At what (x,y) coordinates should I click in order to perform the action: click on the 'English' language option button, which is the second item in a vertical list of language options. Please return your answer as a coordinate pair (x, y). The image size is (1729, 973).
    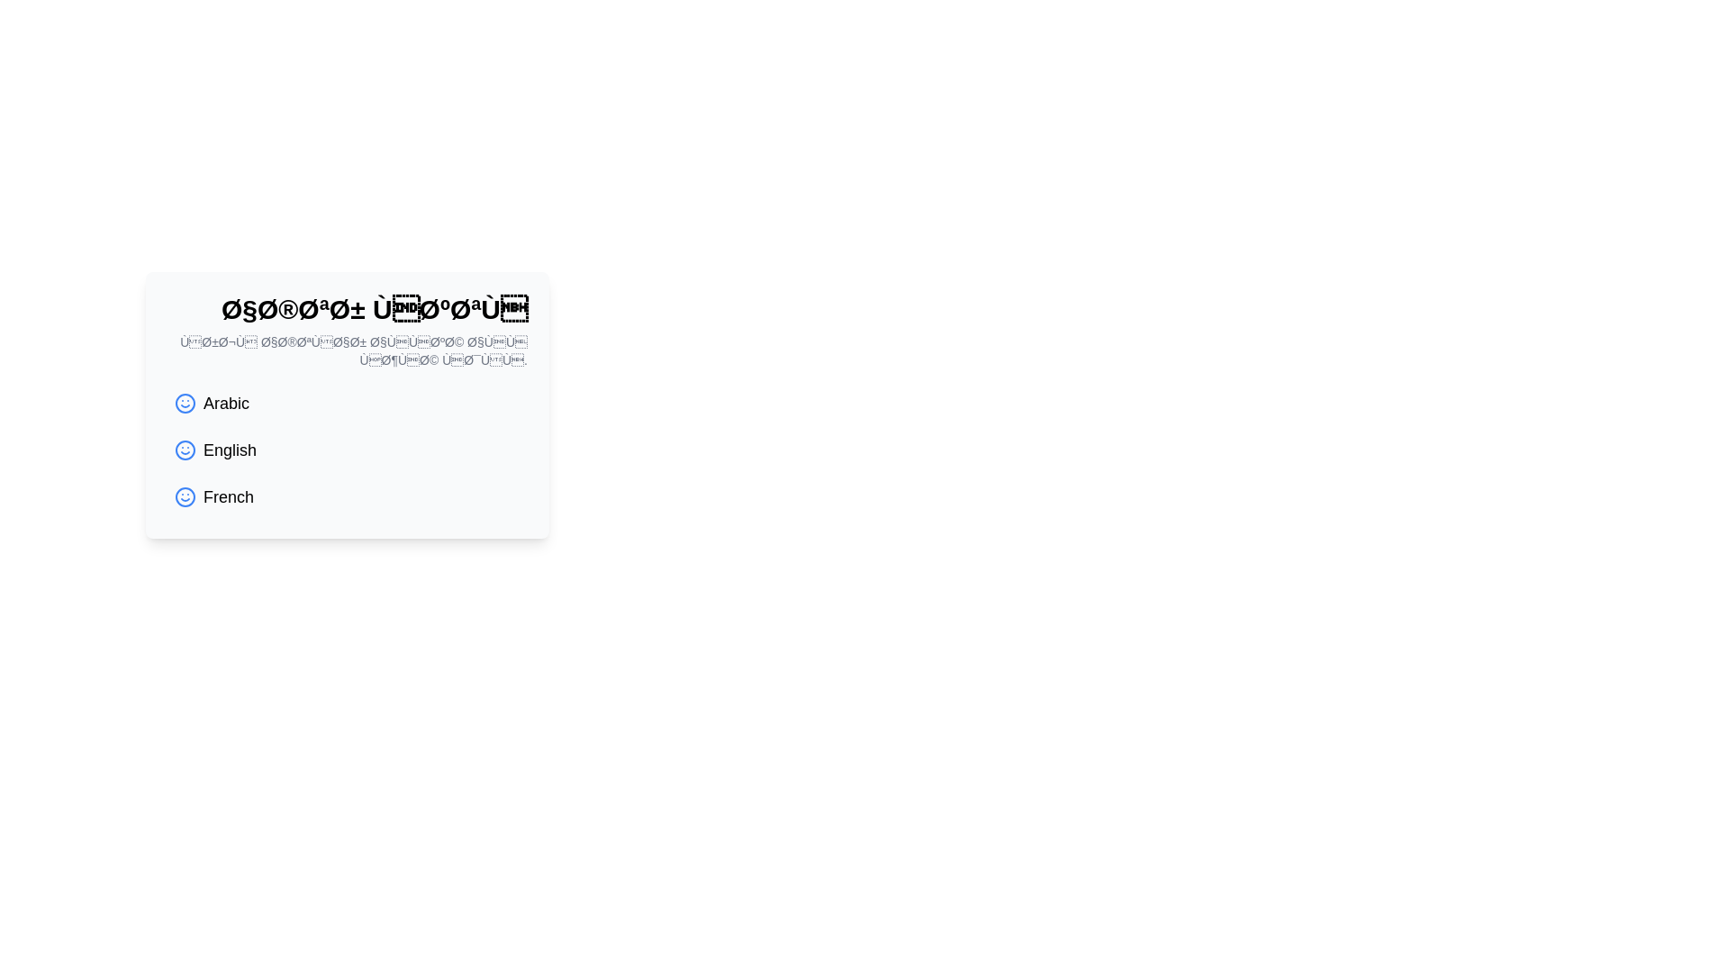
    Looking at the image, I should click on (347, 450).